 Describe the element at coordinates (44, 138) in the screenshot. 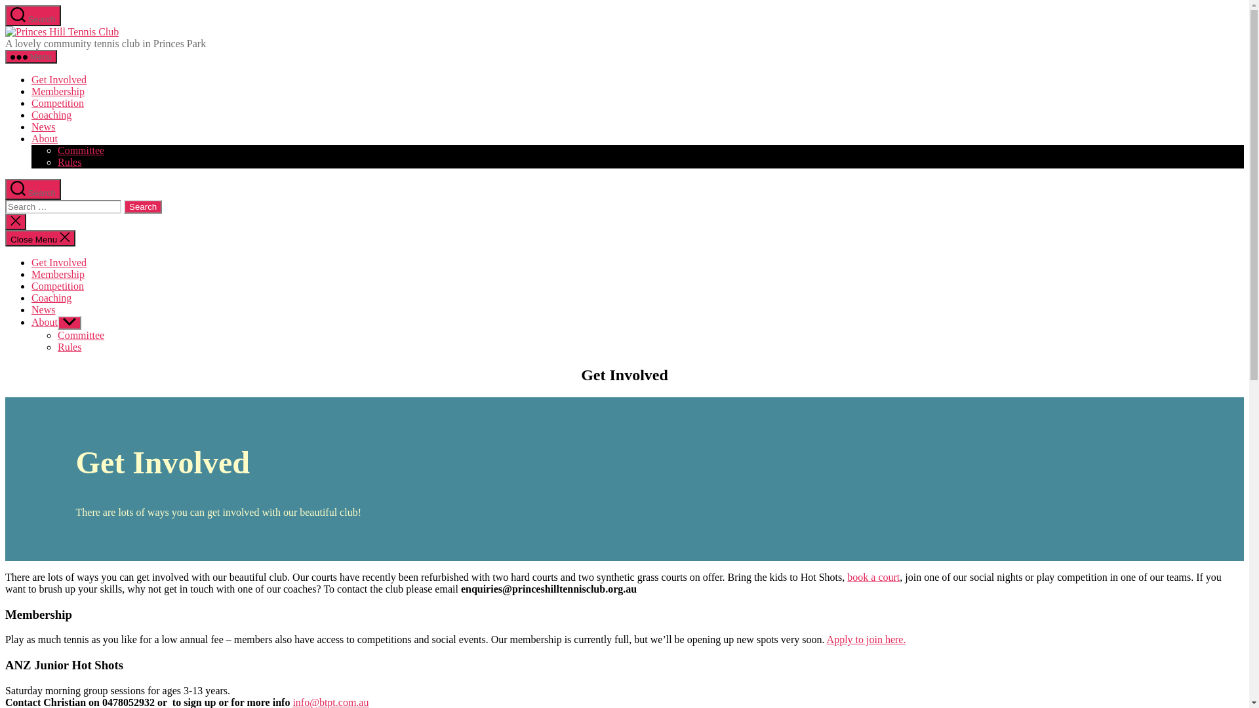

I see `'About'` at that location.